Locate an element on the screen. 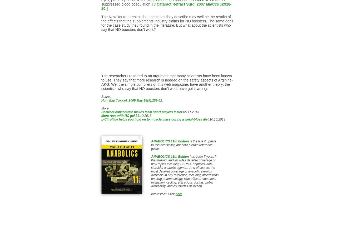  'Beetroot concentrate makes team sport players faster' is located at coordinates (142, 112).